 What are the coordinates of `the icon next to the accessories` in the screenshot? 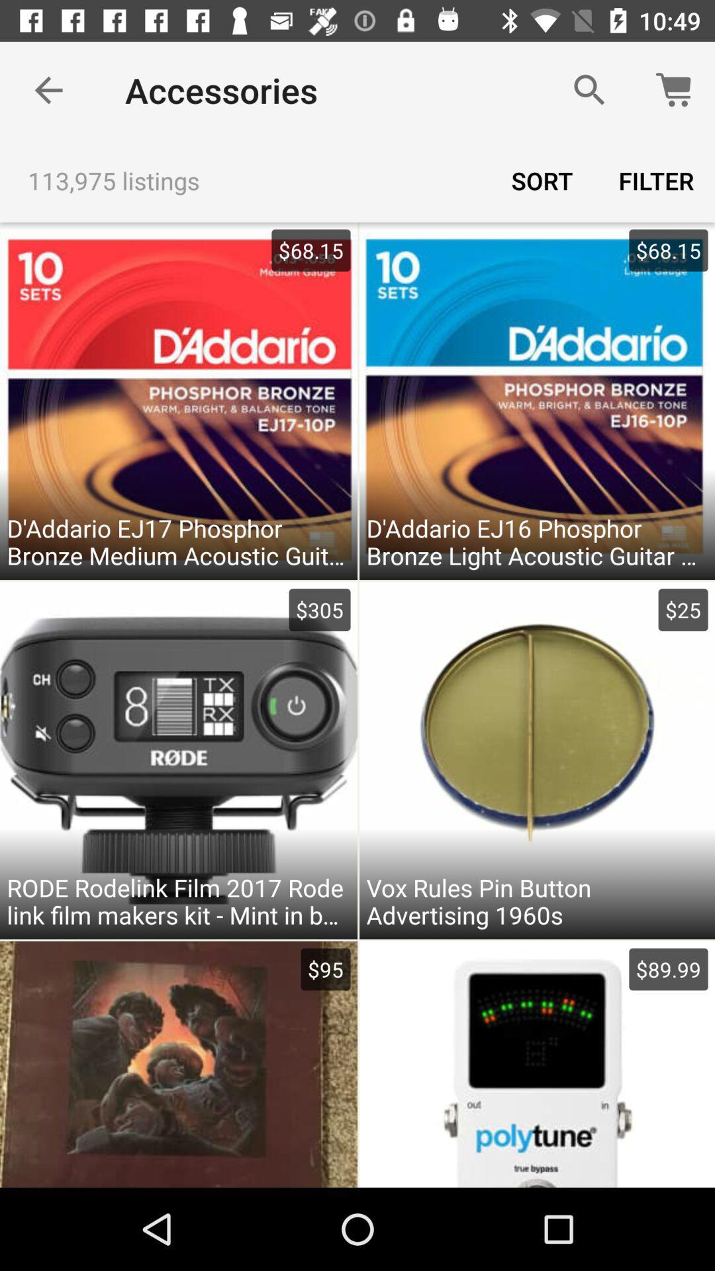 It's located at (589, 89).